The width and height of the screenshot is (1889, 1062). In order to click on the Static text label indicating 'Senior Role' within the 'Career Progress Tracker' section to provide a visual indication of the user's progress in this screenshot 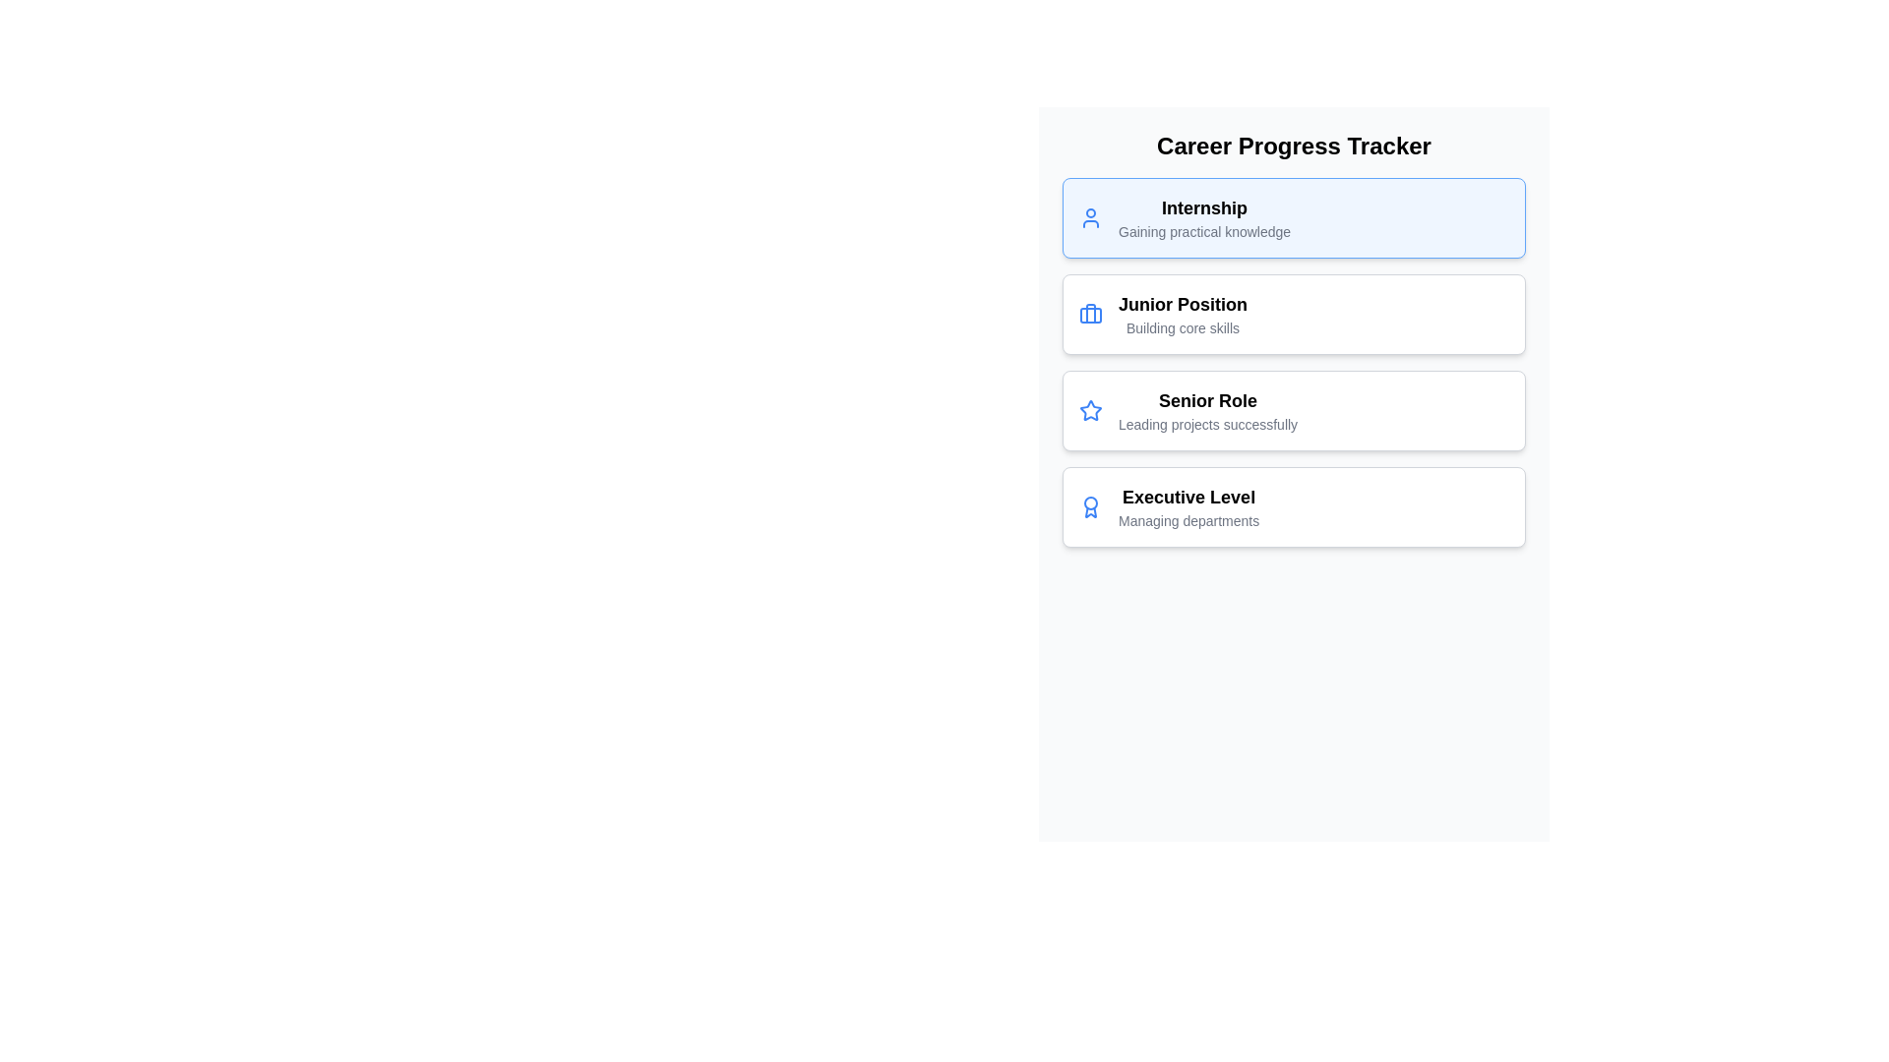, I will do `click(1207, 400)`.